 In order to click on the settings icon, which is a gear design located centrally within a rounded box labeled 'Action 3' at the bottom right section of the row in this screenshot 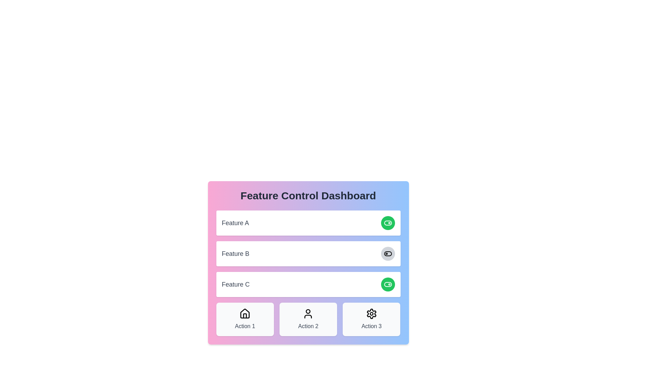, I will do `click(371, 313)`.